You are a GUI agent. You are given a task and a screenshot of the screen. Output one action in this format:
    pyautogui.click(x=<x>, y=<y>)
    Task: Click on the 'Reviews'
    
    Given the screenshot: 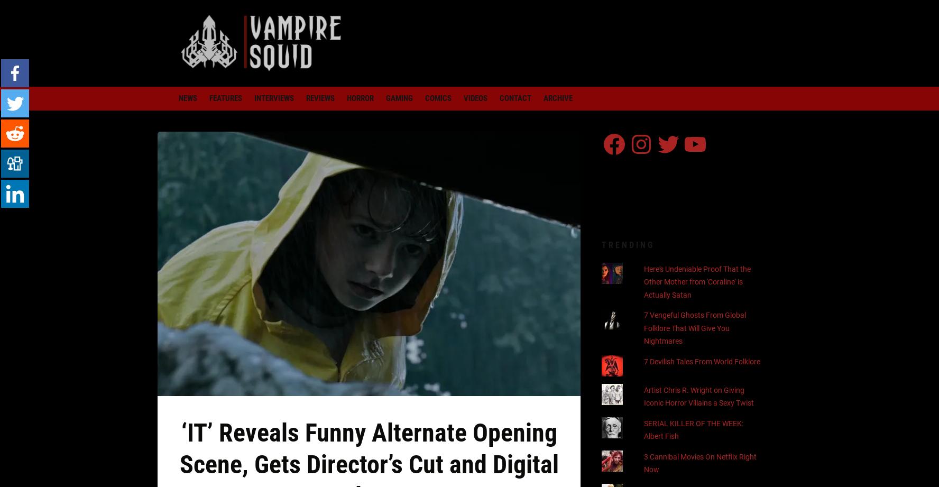 What is the action you would take?
    pyautogui.click(x=319, y=98)
    